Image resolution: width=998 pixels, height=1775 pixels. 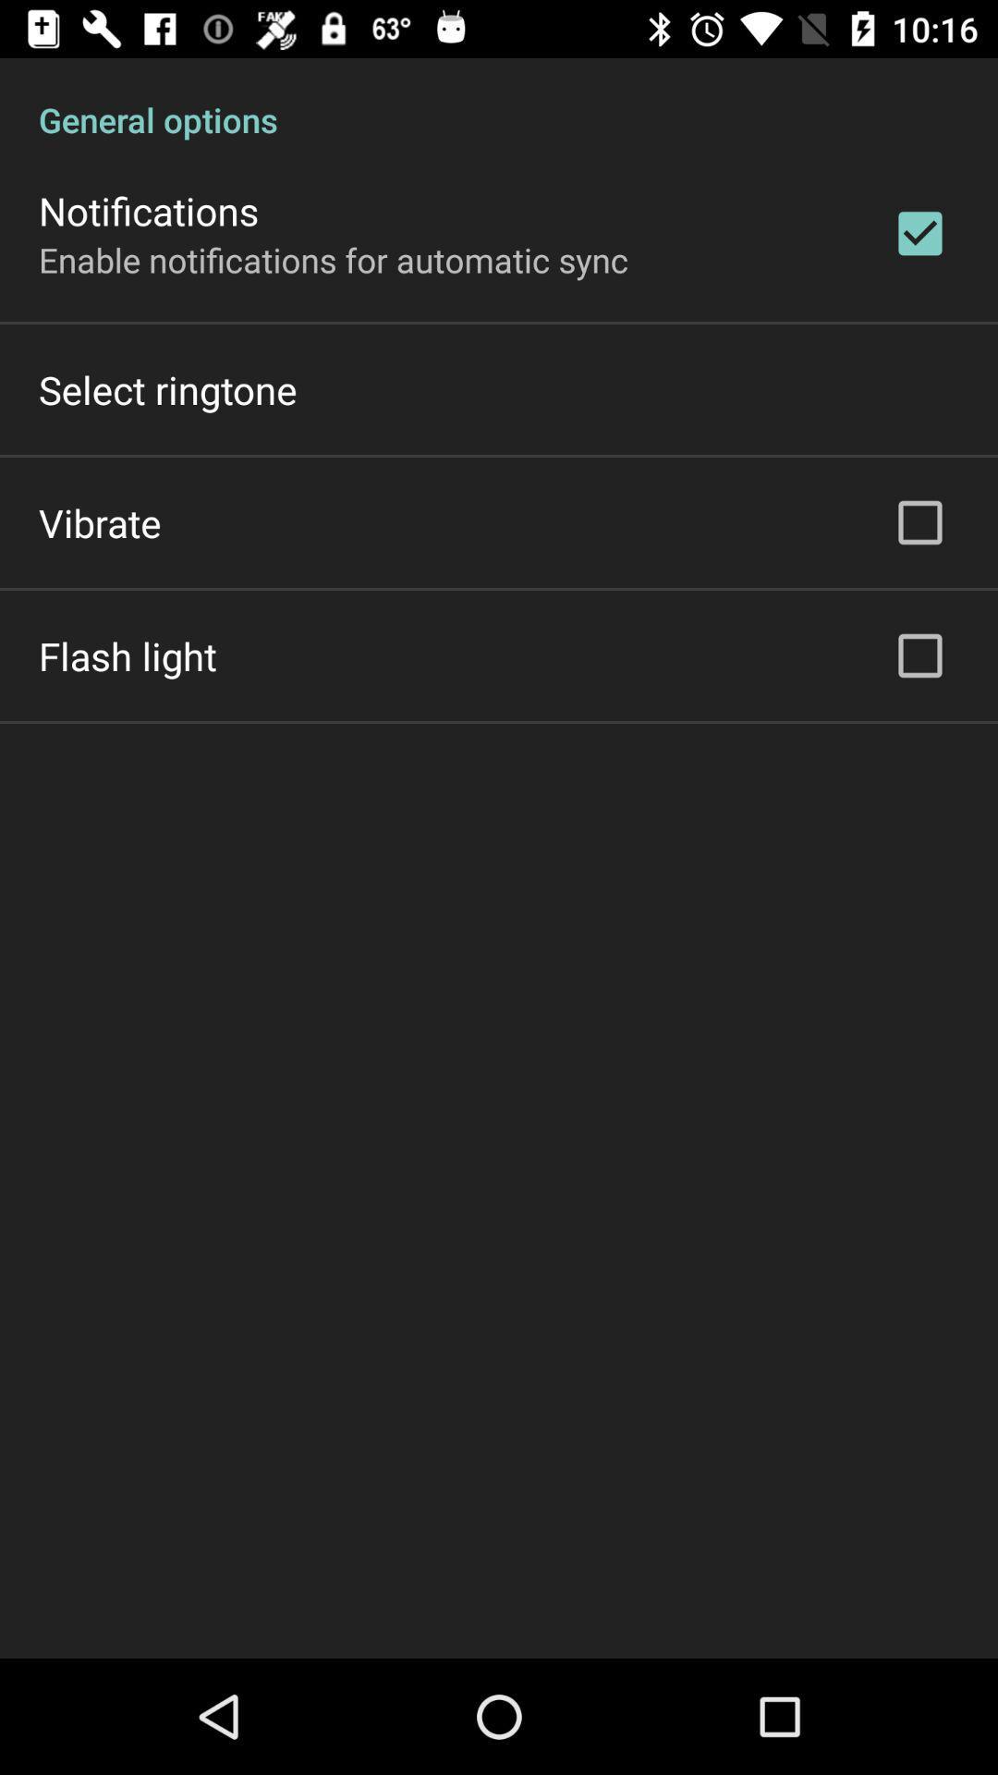 What do you see at coordinates (499, 99) in the screenshot?
I see `icon above the notifications` at bounding box center [499, 99].